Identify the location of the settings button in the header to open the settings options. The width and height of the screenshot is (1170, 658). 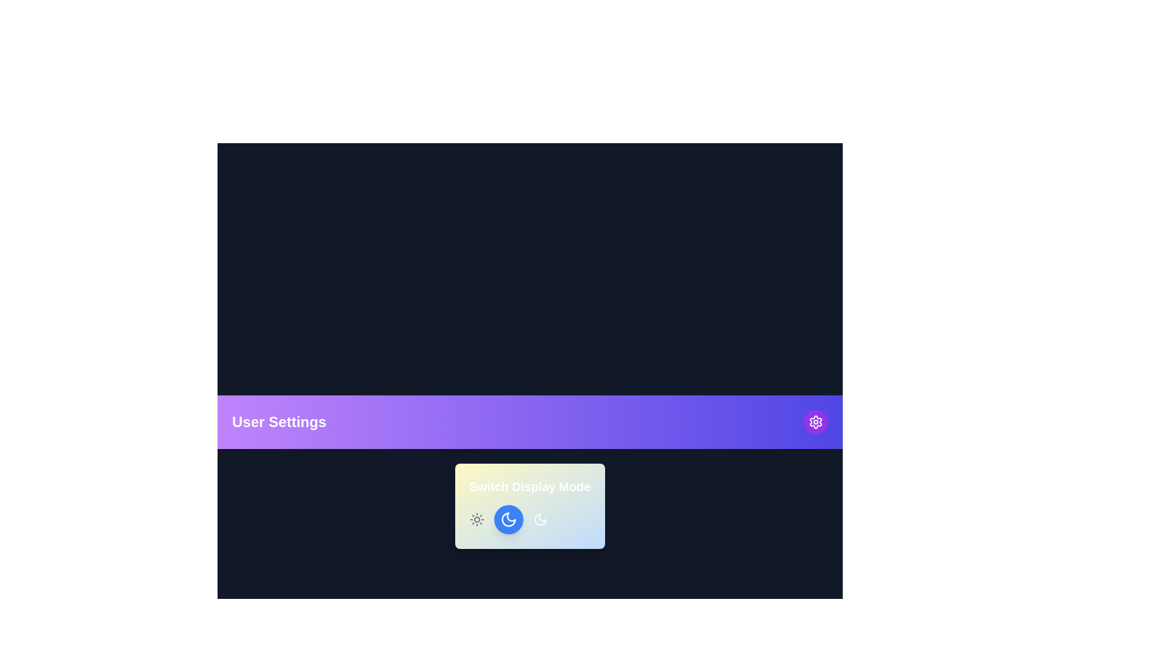
(816, 422).